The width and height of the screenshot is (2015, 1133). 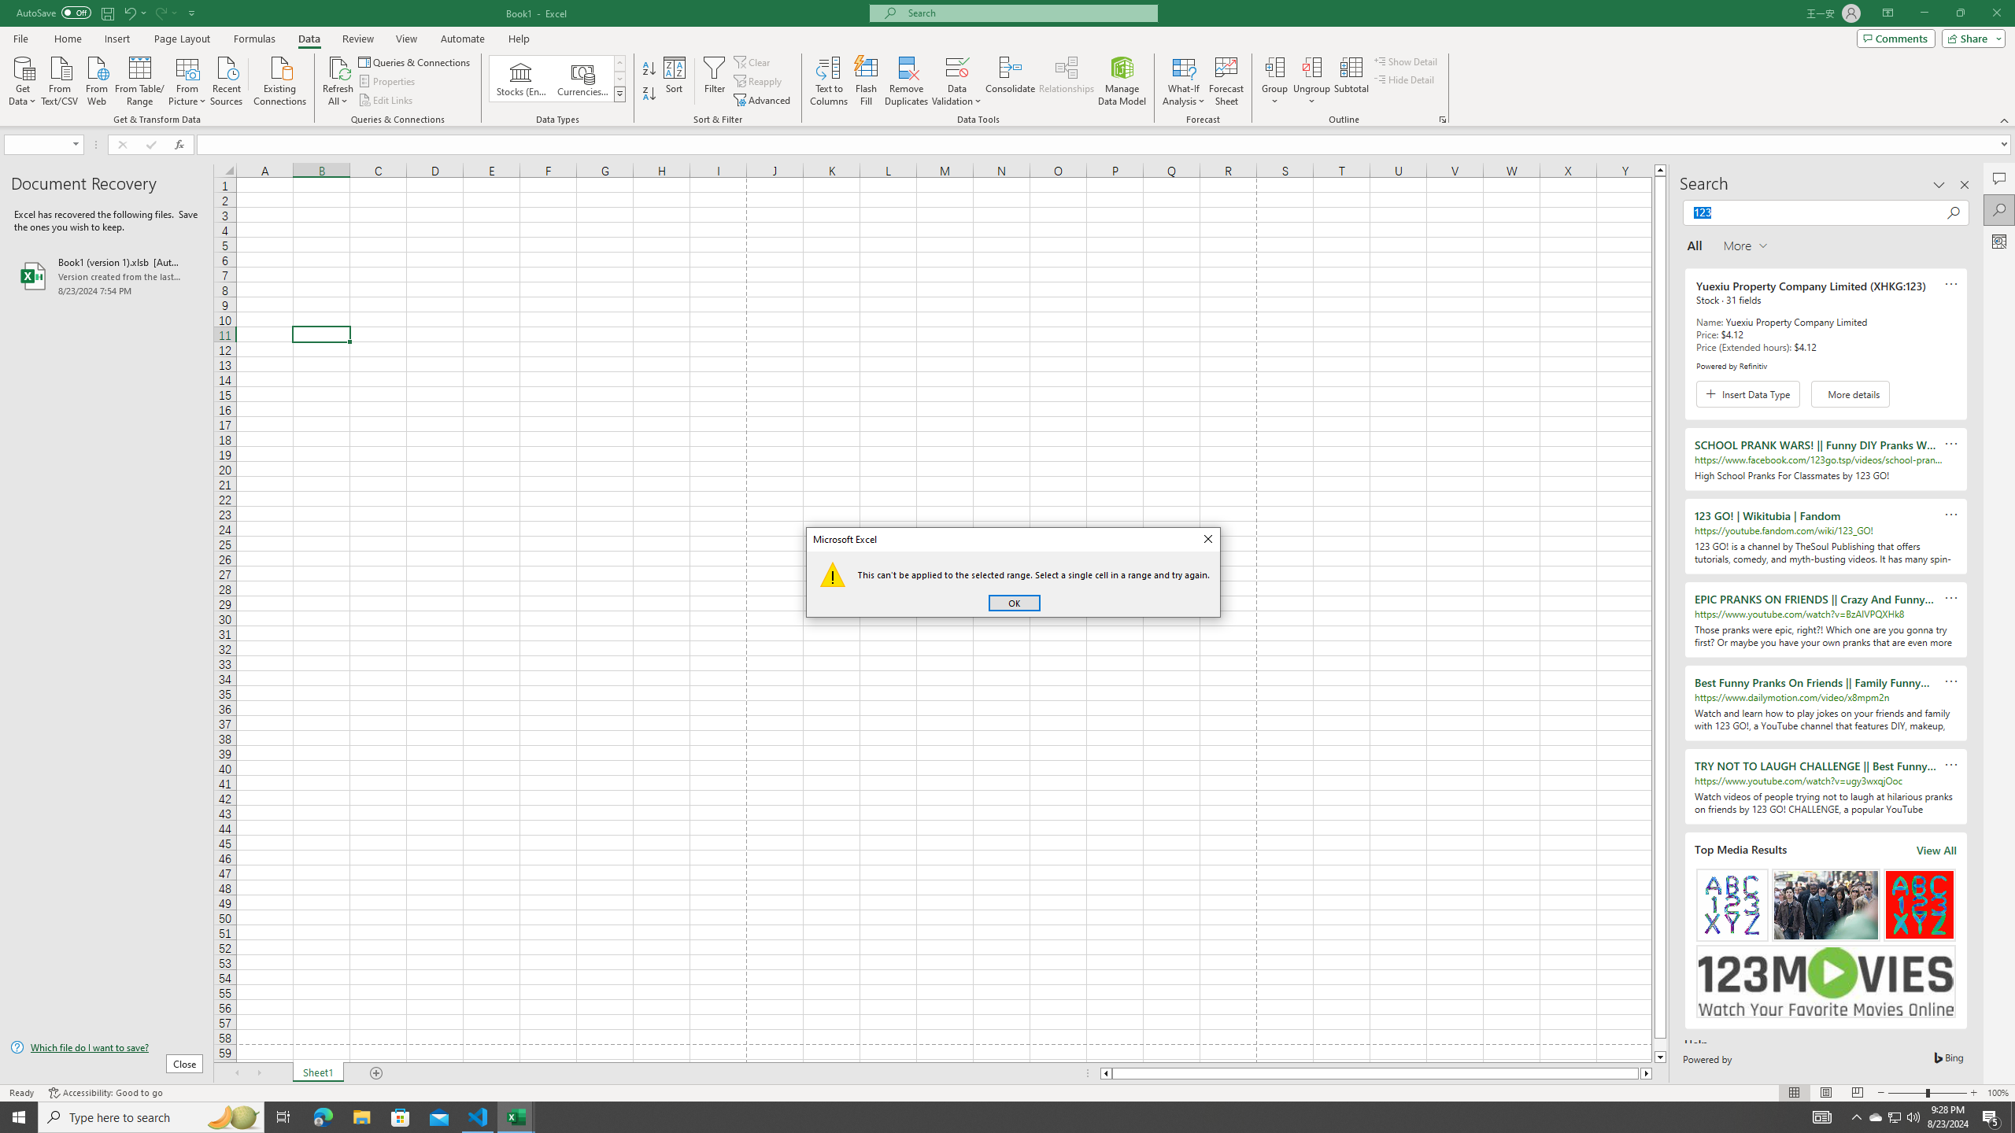 What do you see at coordinates (9, 7) in the screenshot?
I see `'System'` at bounding box center [9, 7].